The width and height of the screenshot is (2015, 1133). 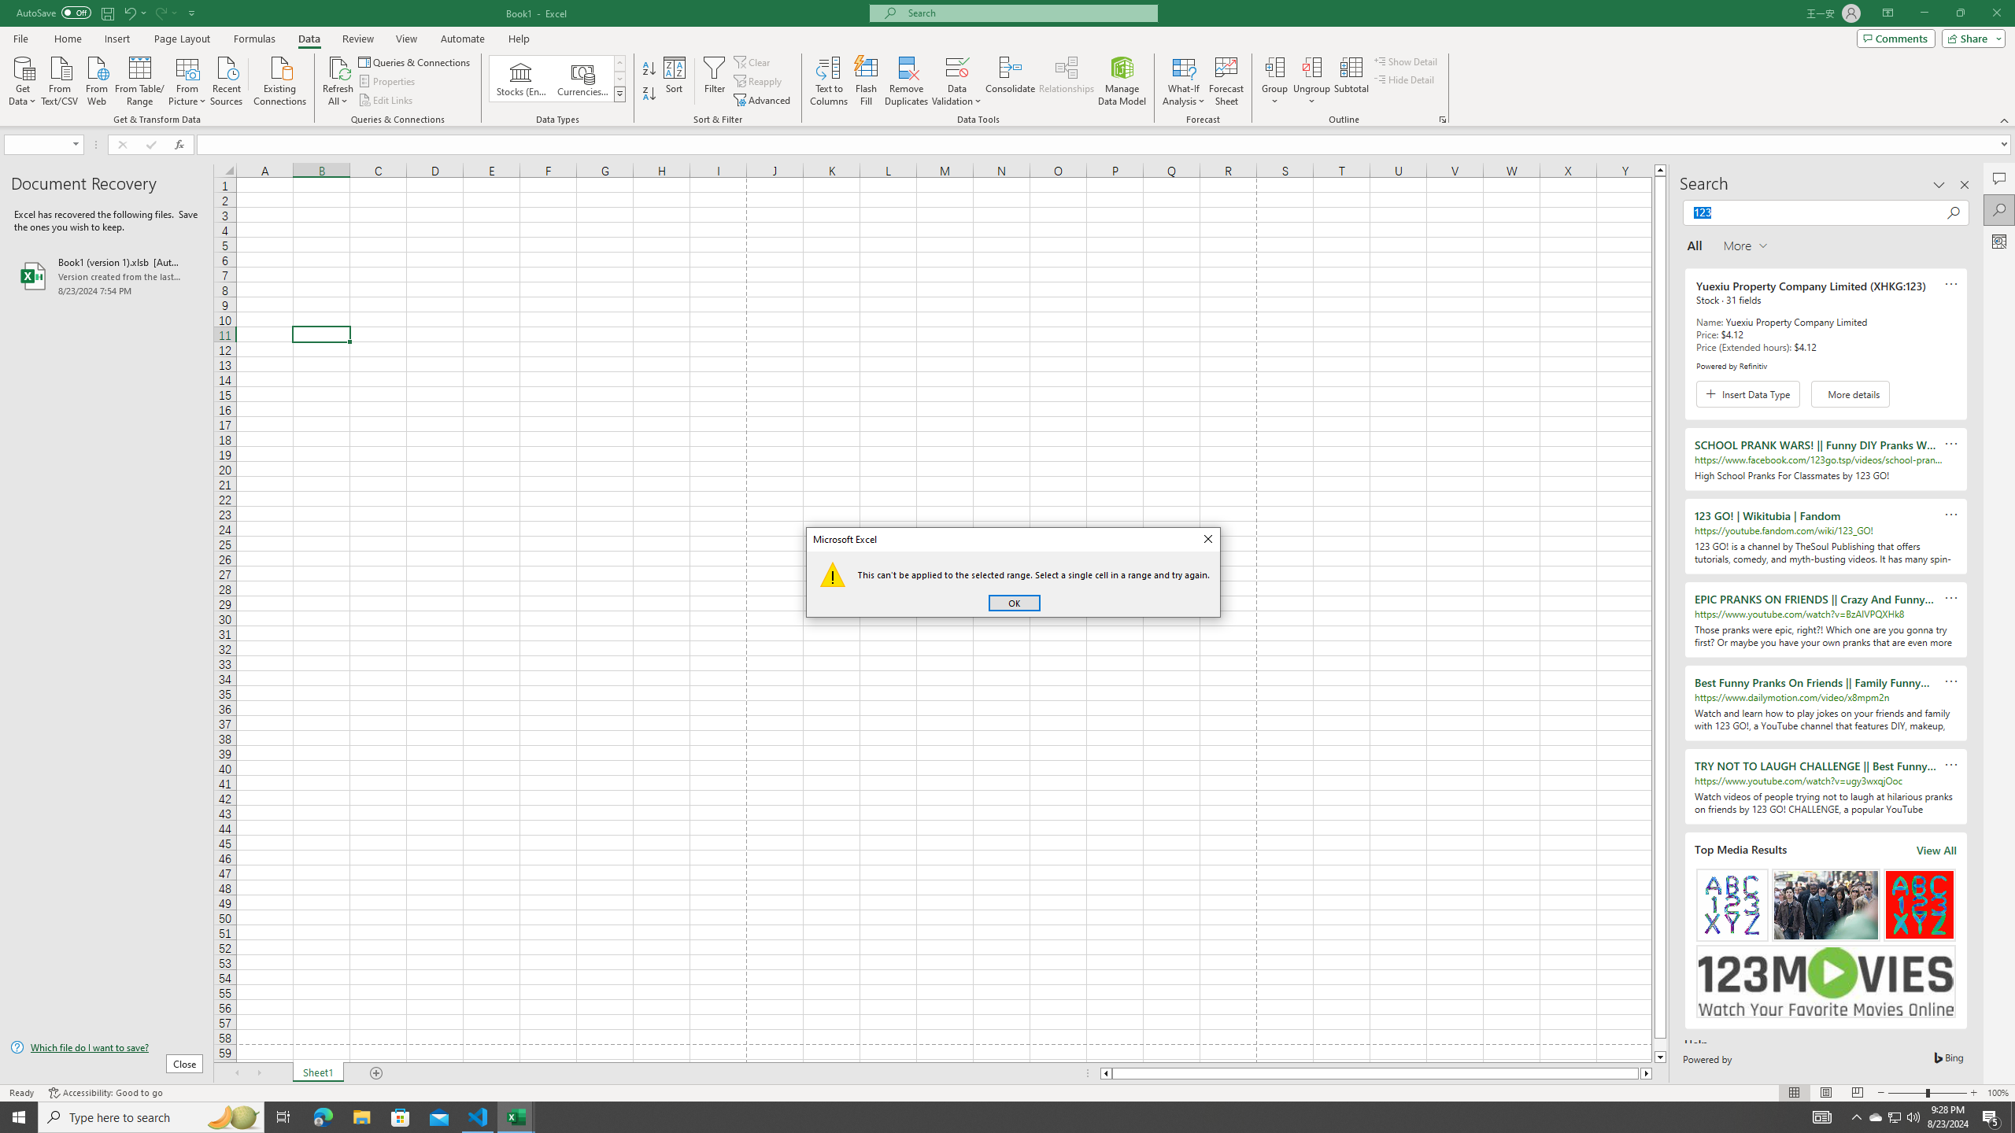 What do you see at coordinates (9, 7) in the screenshot?
I see `'System'` at bounding box center [9, 7].